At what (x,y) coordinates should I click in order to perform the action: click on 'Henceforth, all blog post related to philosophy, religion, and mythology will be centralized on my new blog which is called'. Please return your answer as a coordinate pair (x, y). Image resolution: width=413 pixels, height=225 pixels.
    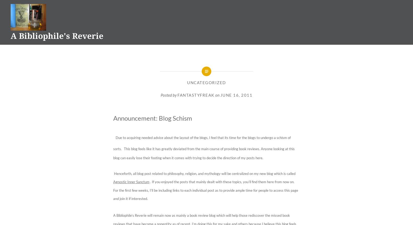
    Looking at the image, I should click on (113, 173).